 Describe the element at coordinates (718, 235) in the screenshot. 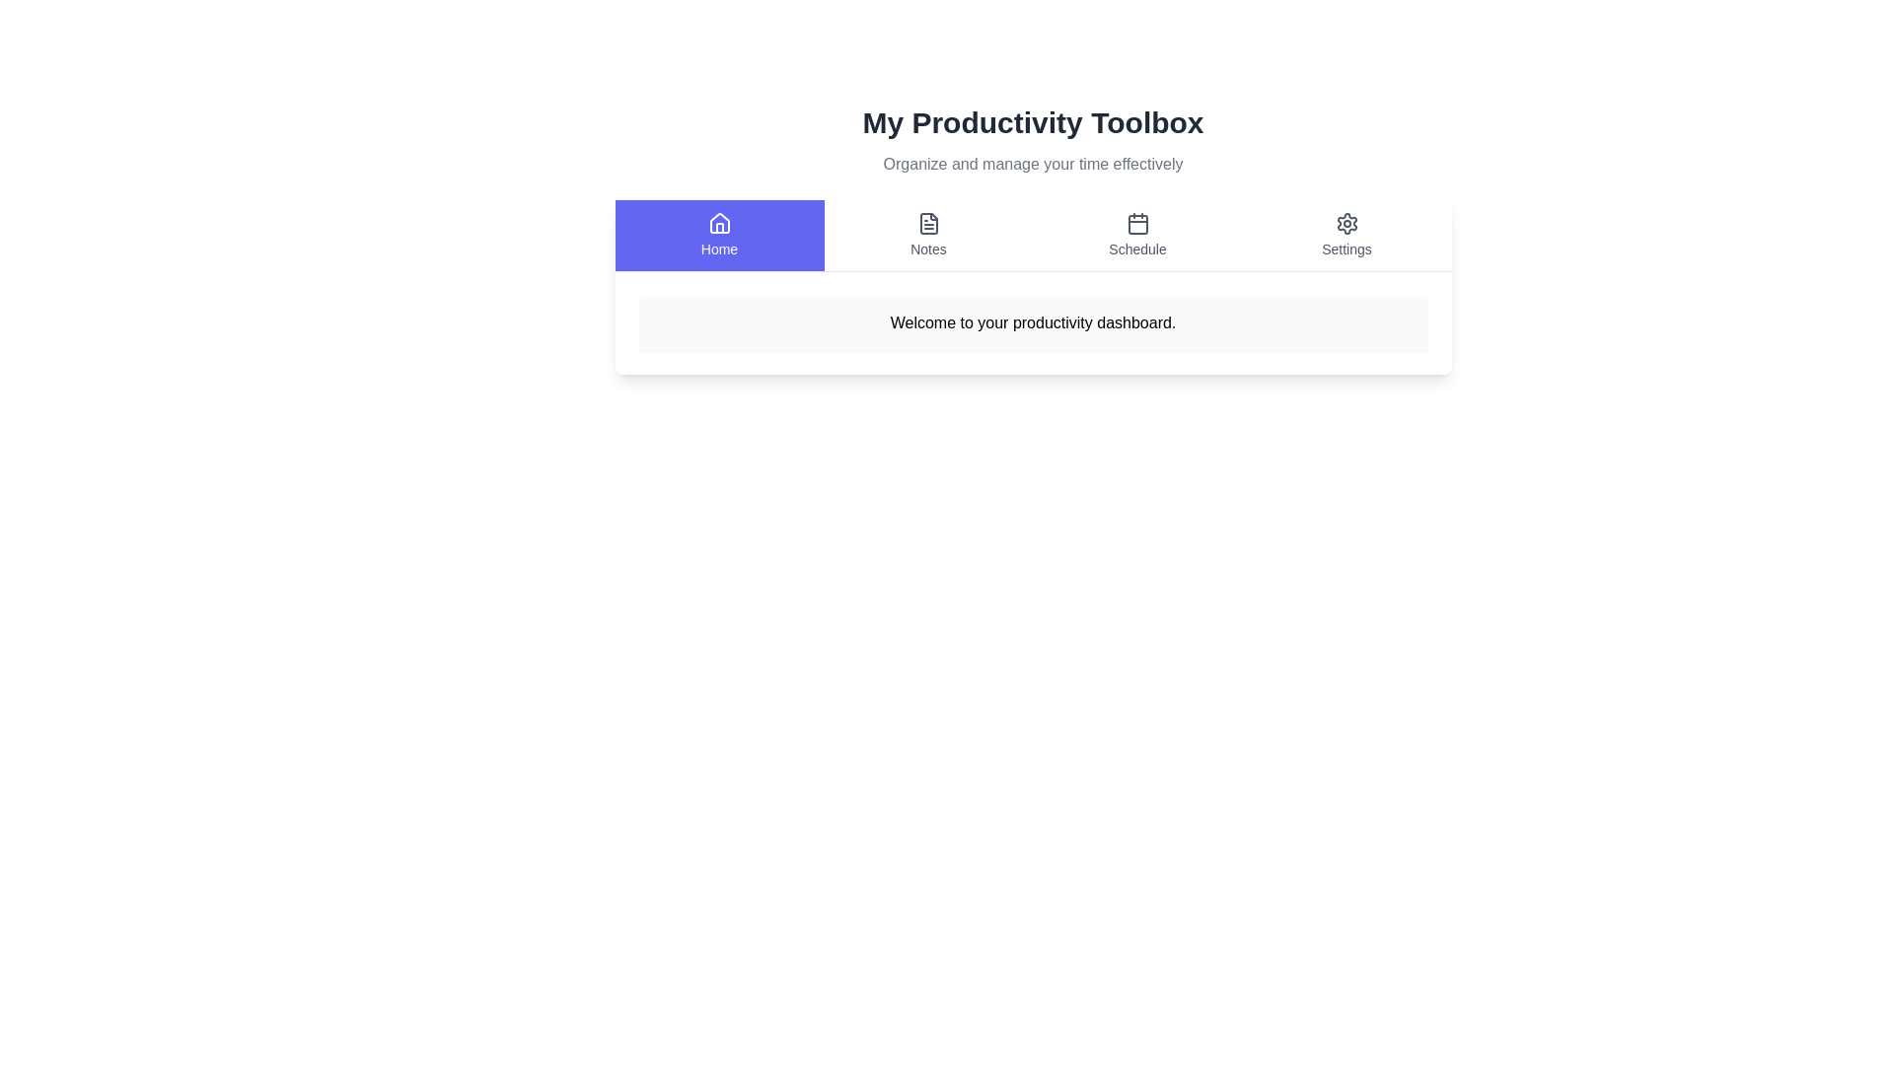

I see `the 'Home' button, which is a rectangular button with a purple background, a house icon, and the text 'Home' written below it, located in the top navigation bar as the first button from the left` at that location.